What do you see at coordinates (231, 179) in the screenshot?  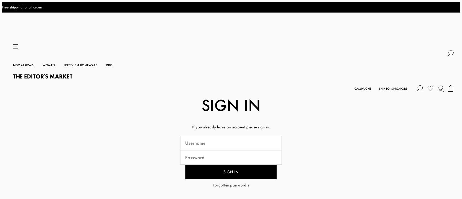 I see `'Register'` at bounding box center [231, 179].